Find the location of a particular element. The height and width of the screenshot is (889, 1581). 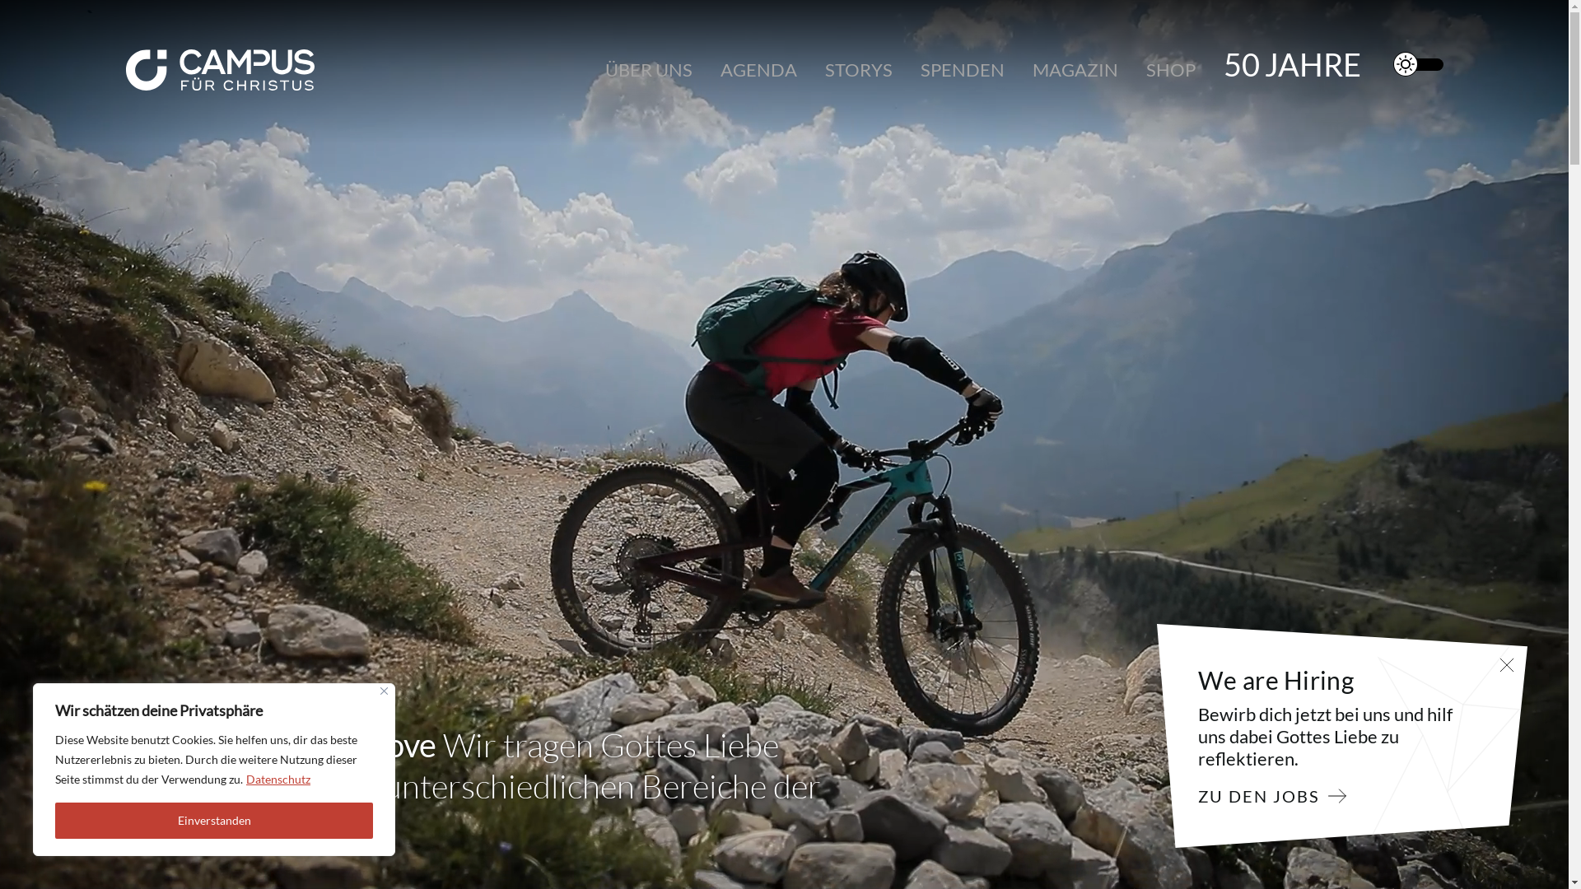

'49 is located at coordinates (1291, 63).